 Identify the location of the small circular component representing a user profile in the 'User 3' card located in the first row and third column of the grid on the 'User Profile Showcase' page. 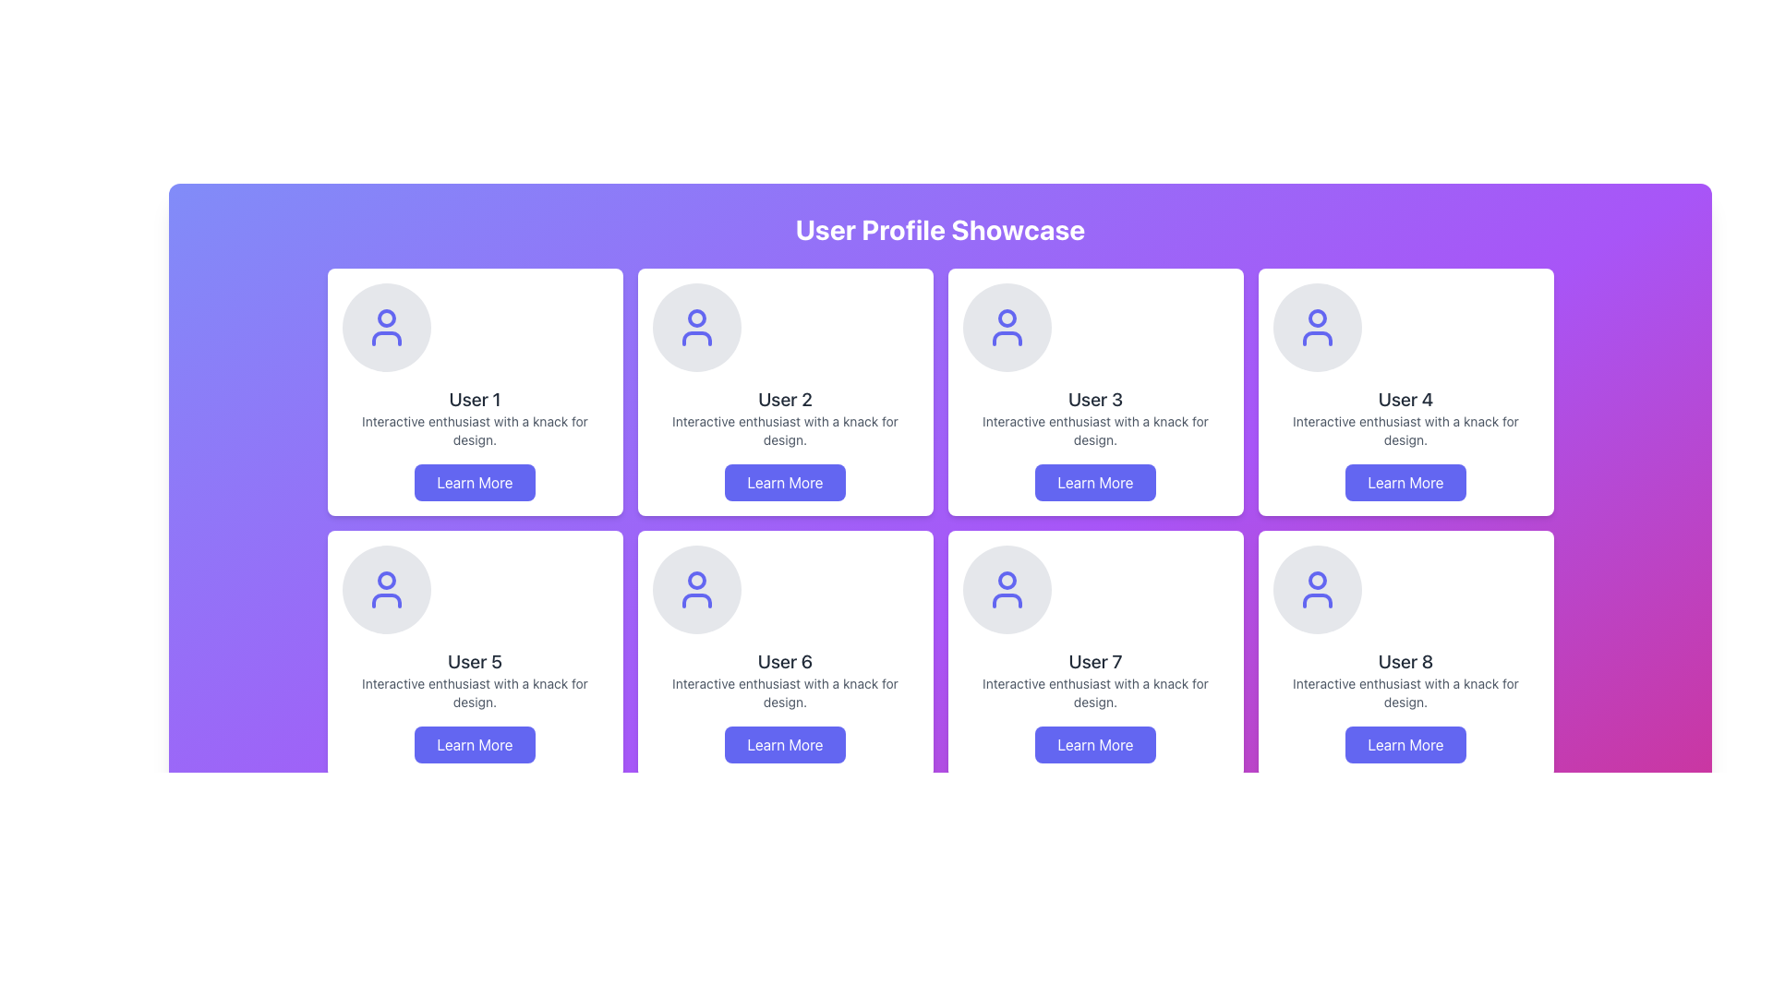
(1006, 317).